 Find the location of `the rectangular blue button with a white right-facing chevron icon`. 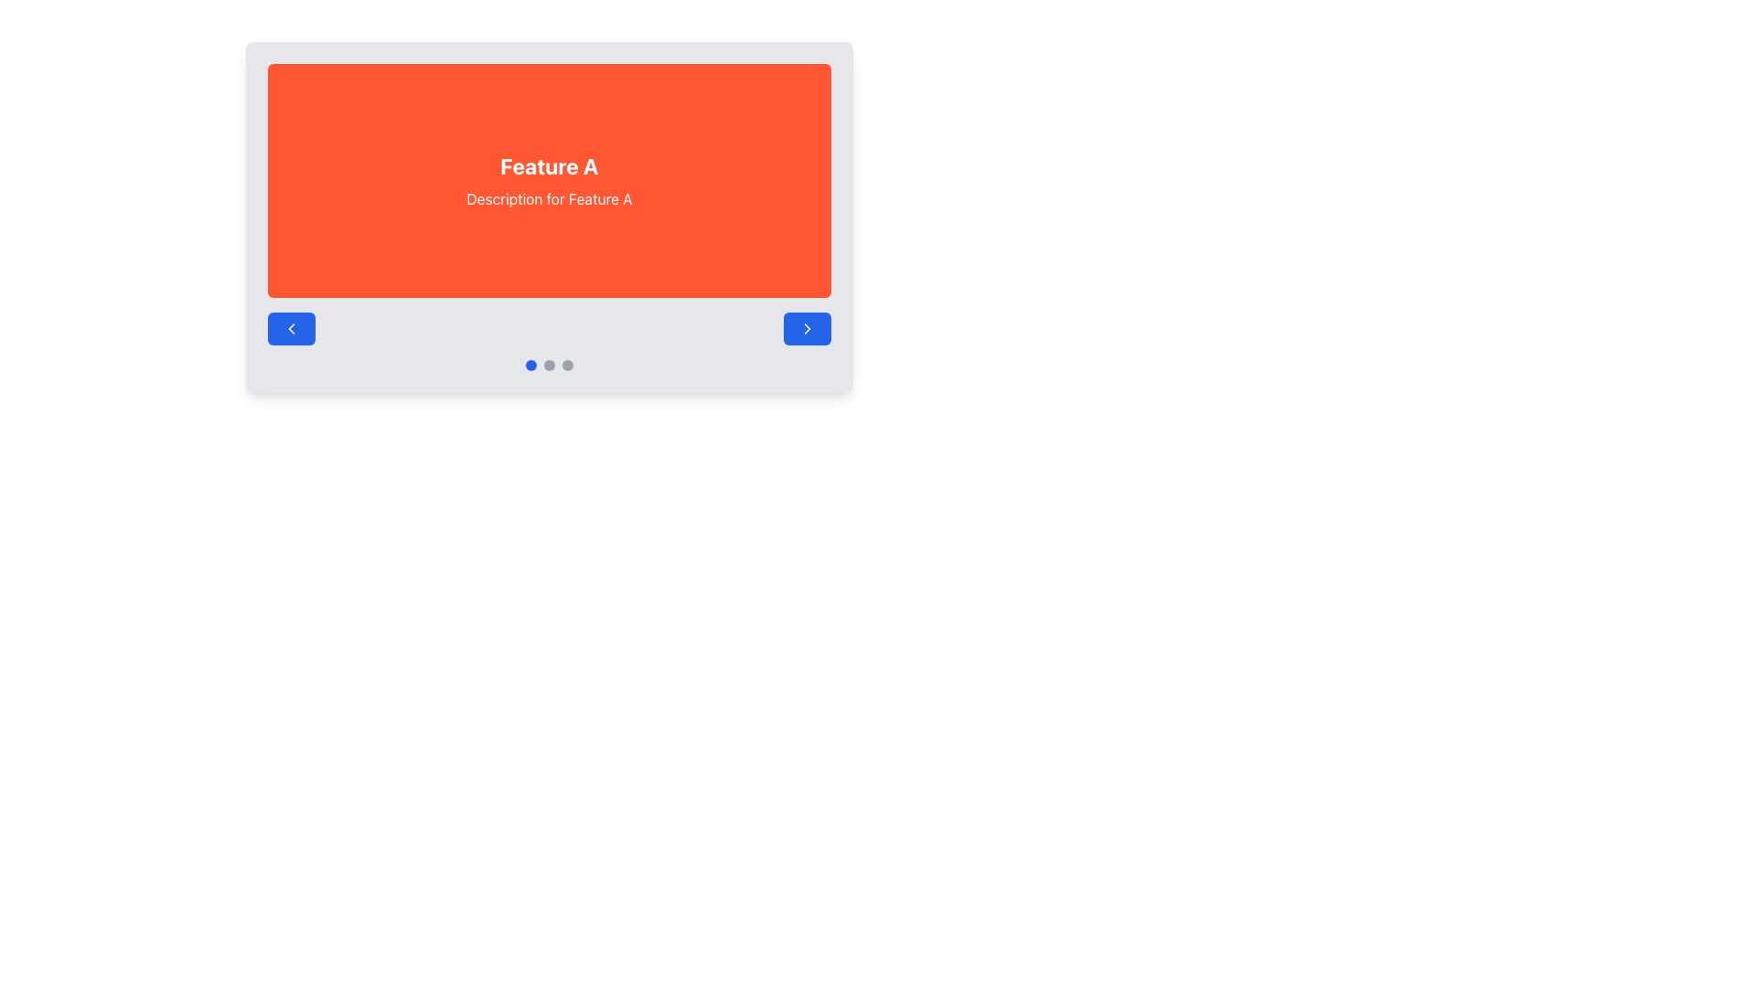

the rectangular blue button with a white right-facing chevron icon is located at coordinates (807, 327).